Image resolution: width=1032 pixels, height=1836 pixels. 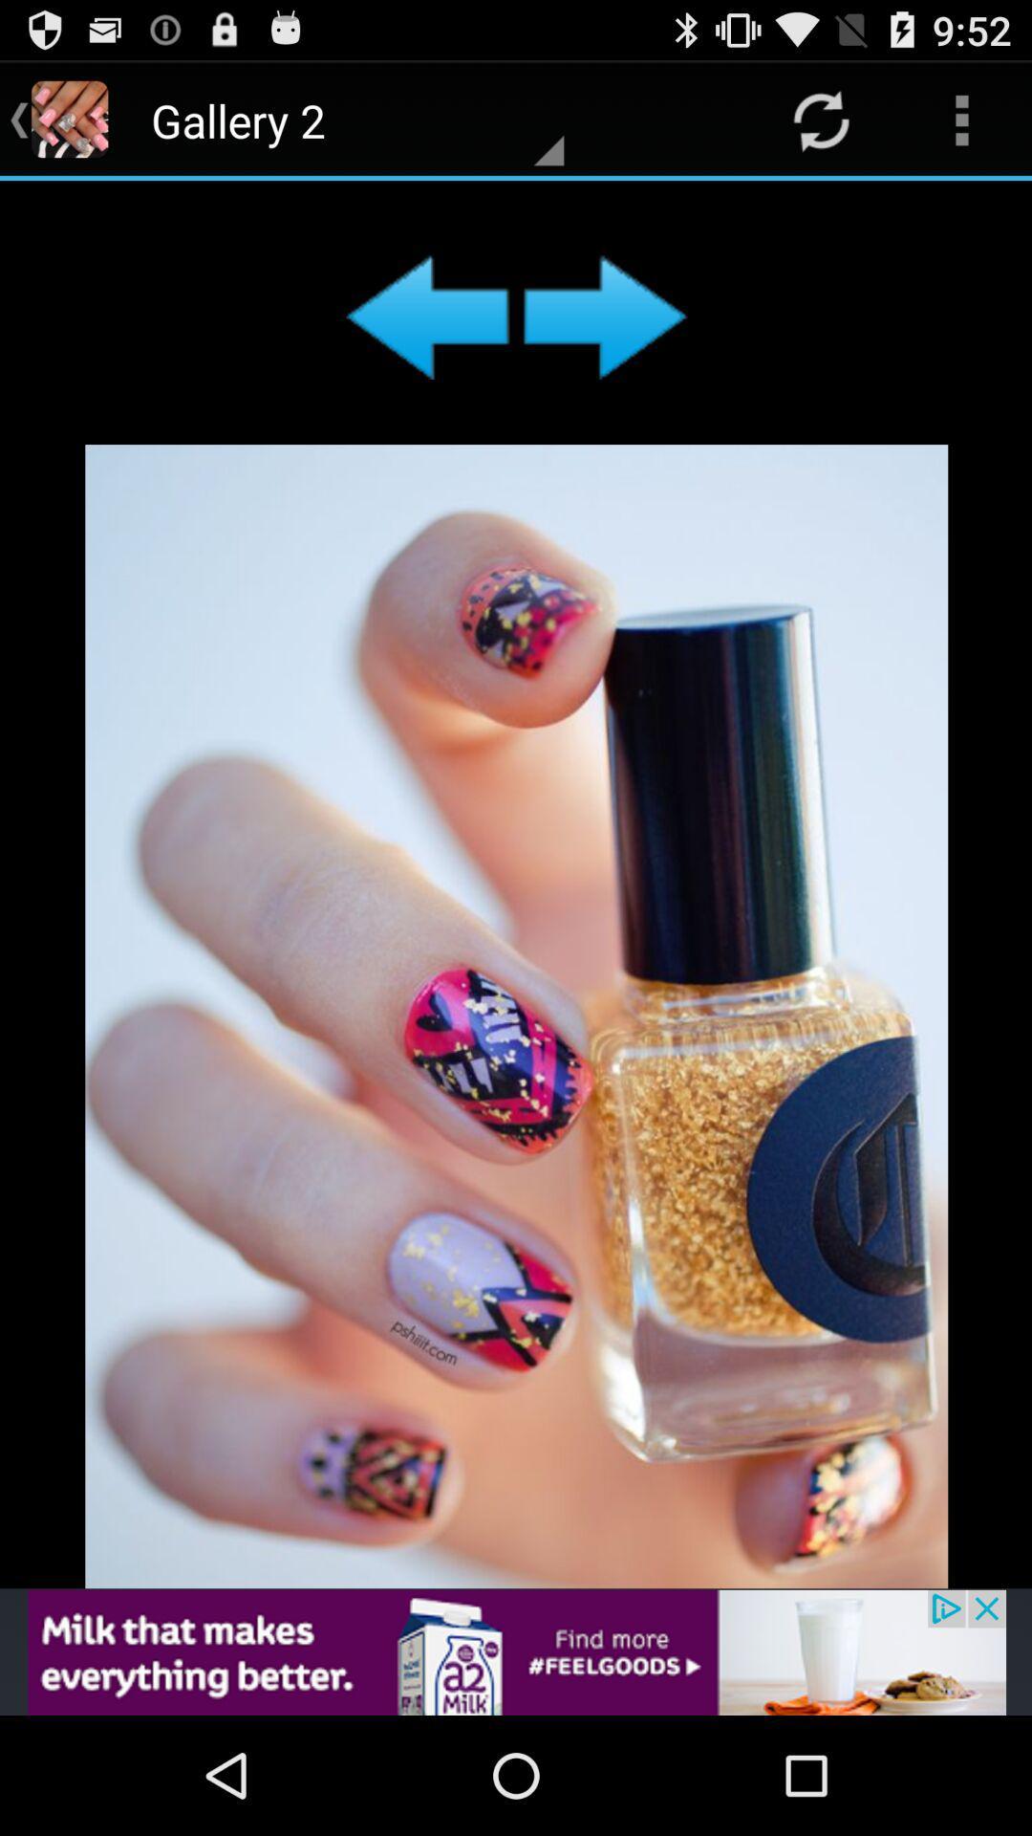 What do you see at coordinates (516, 884) in the screenshot?
I see `image only i believe` at bounding box center [516, 884].